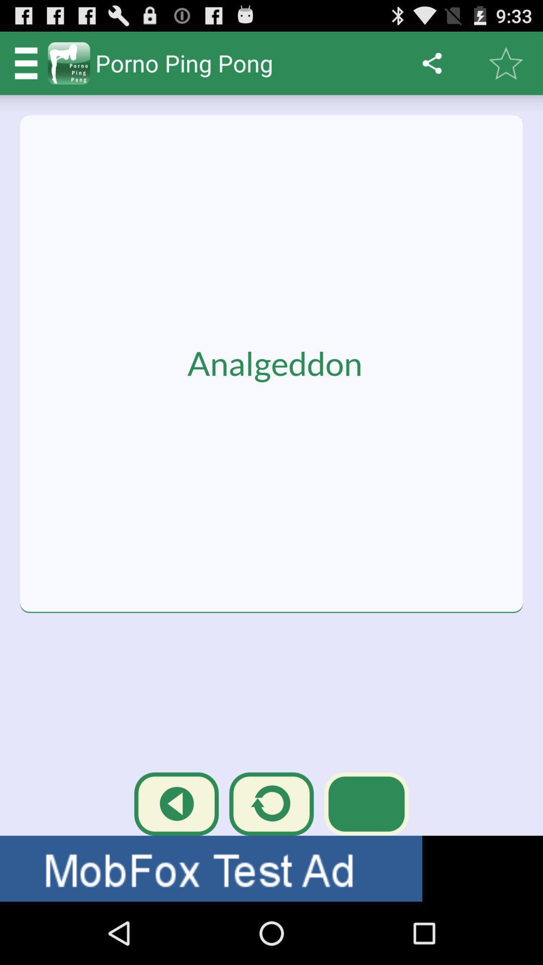  Describe the element at coordinates (506, 62) in the screenshot. I see `button next to share button` at that location.